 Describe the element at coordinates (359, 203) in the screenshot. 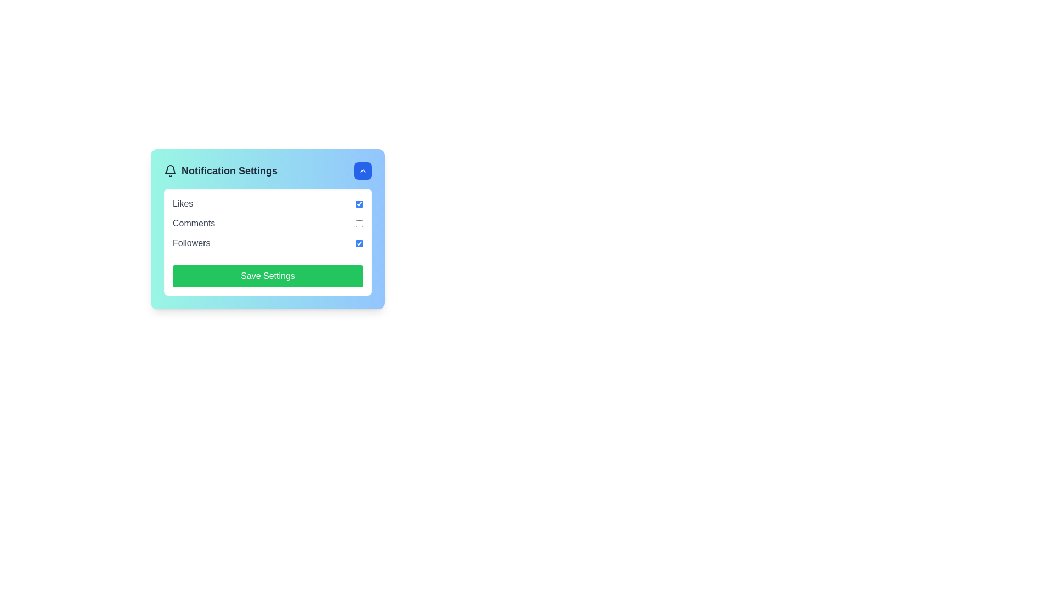

I see `the checkbox for 'Likes' notifications` at that location.